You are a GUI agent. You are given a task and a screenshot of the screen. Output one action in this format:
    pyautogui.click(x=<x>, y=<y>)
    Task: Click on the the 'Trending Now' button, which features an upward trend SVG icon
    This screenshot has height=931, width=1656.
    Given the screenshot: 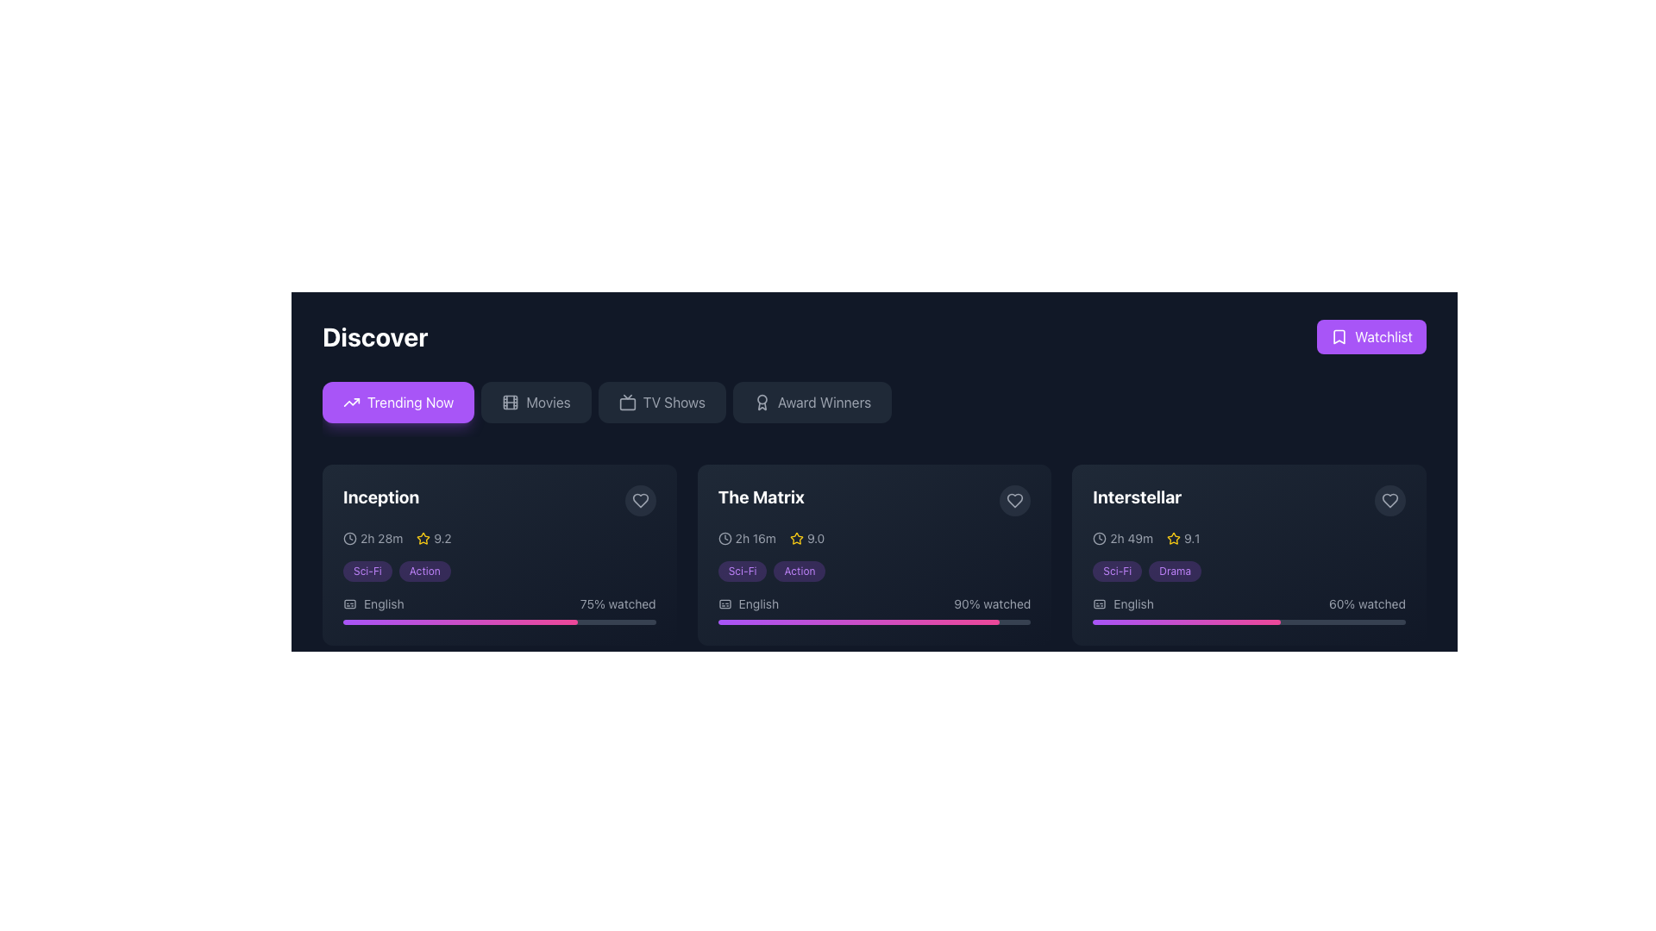 What is the action you would take?
    pyautogui.click(x=351, y=402)
    